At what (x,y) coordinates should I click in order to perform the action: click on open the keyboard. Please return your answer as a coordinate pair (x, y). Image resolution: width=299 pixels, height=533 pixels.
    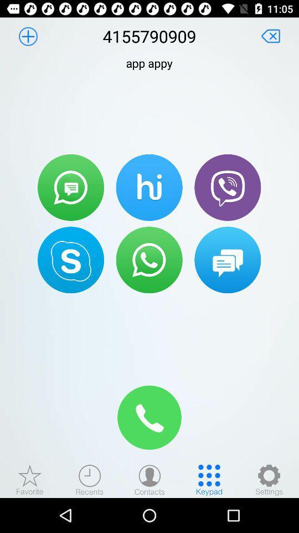
    Looking at the image, I should click on (209, 479).